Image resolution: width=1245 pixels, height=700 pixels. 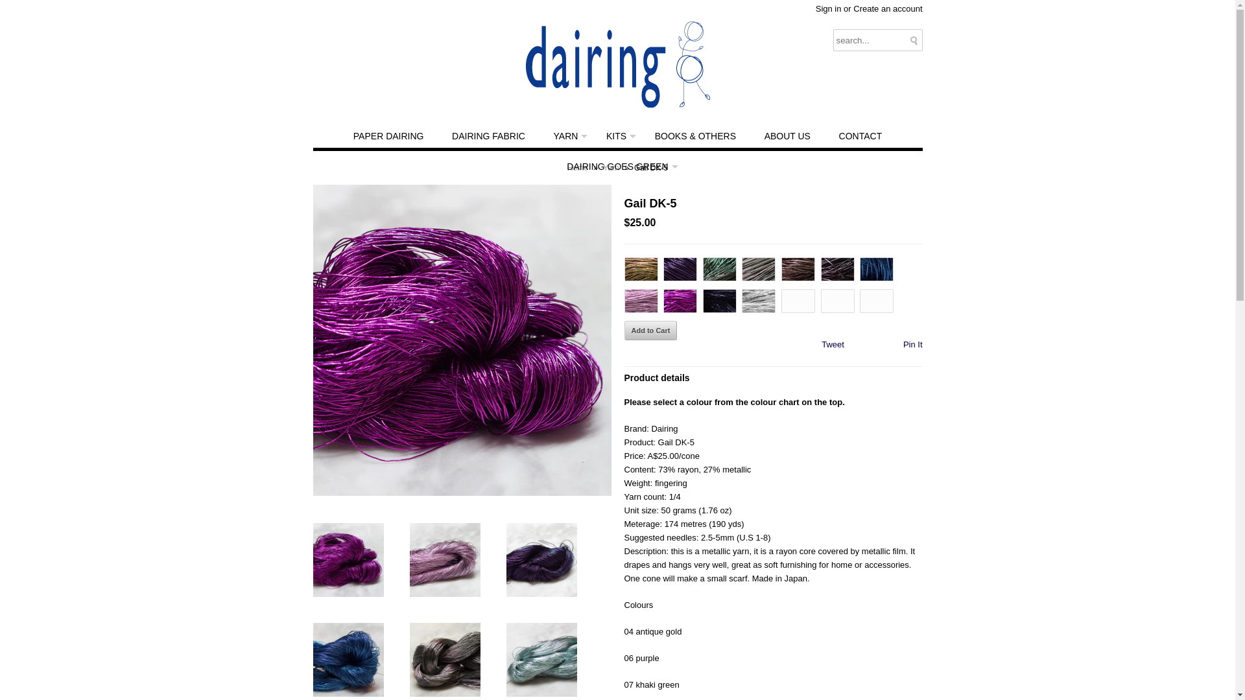 What do you see at coordinates (616, 166) in the screenshot?
I see `'DAIRING GOES GREEN'` at bounding box center [616, 166].